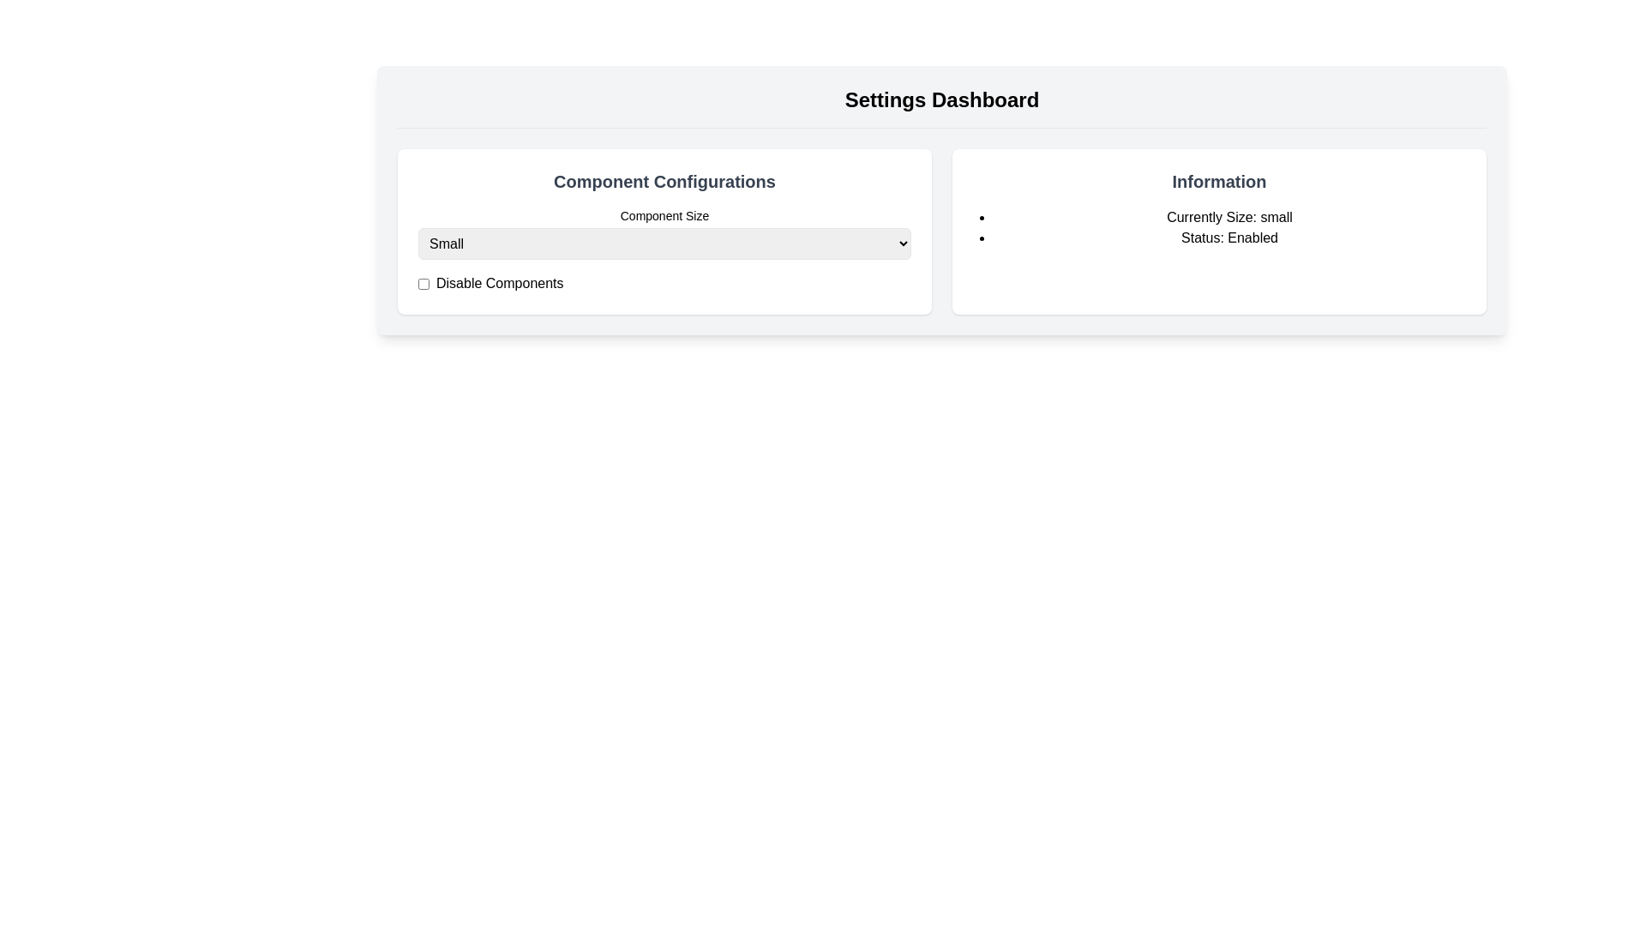 The width and height of the screenshot is (1646, 926). Describe the element at coordinates (664, 214) in the screenshot. I see `the descriptive label located in the 'Component Configurations' section, positioned directly above the dropdown menu for size options` at that location.